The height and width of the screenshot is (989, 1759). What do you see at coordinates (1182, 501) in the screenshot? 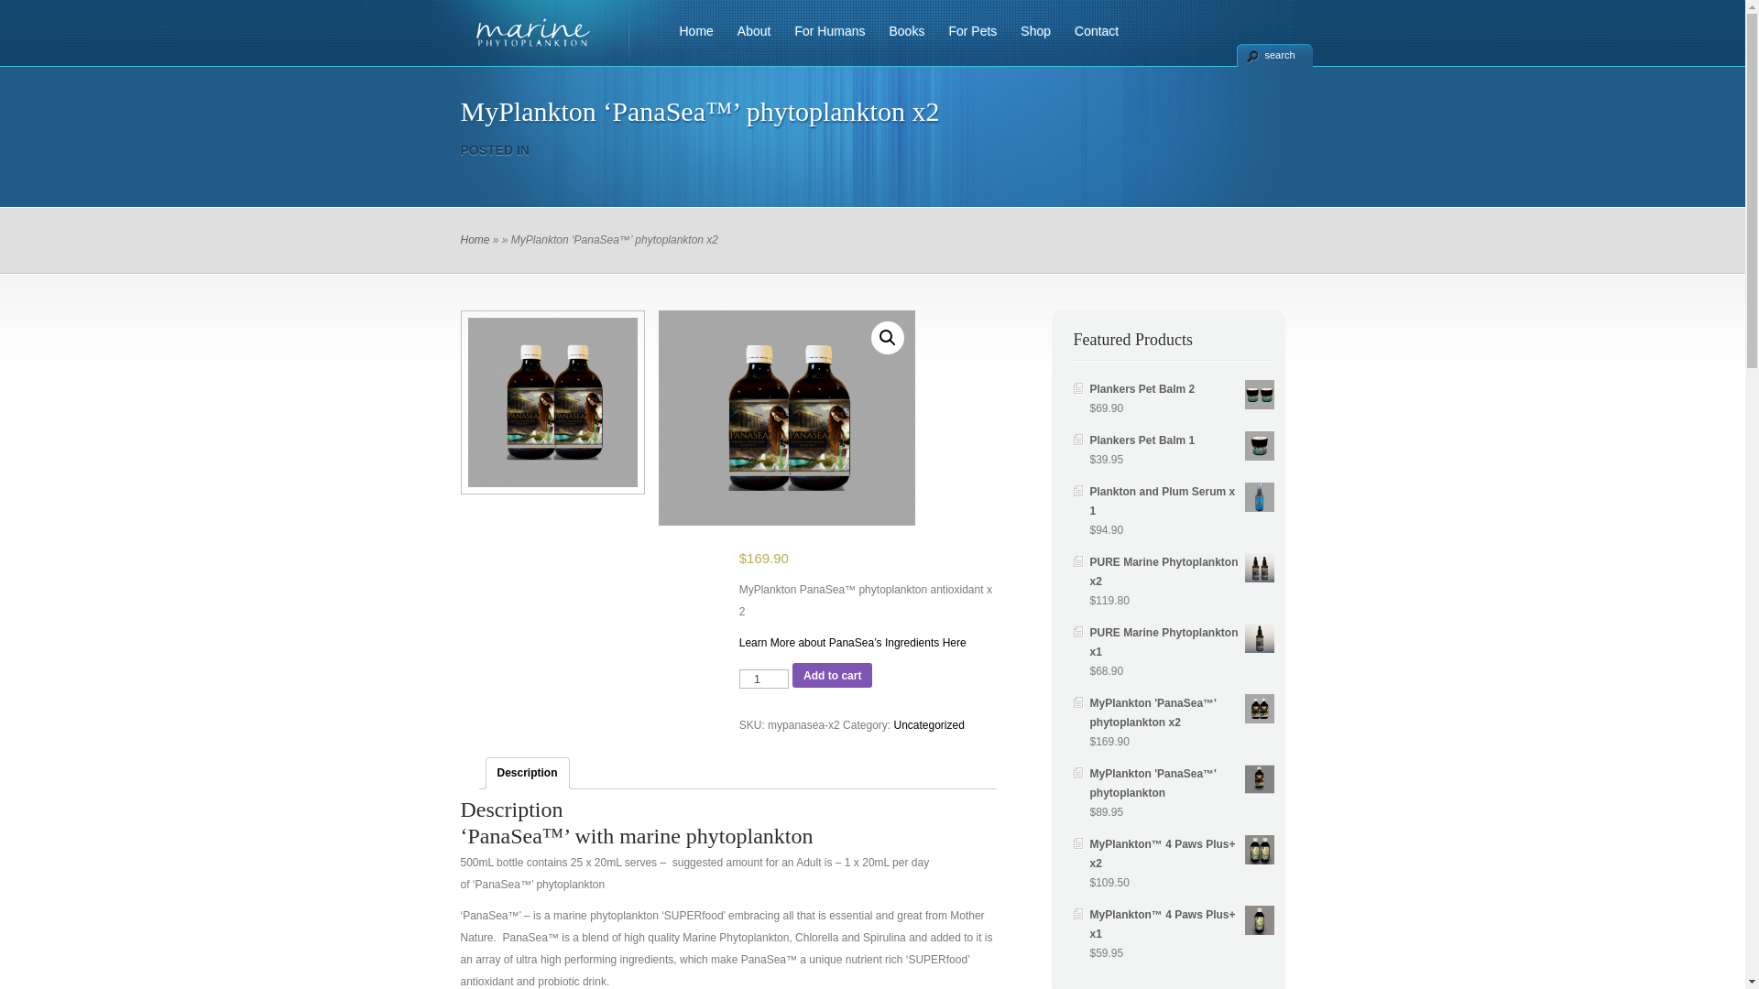
I see `'Plankton and Plum Serum x 1'` at bounding box center [1182, 501].